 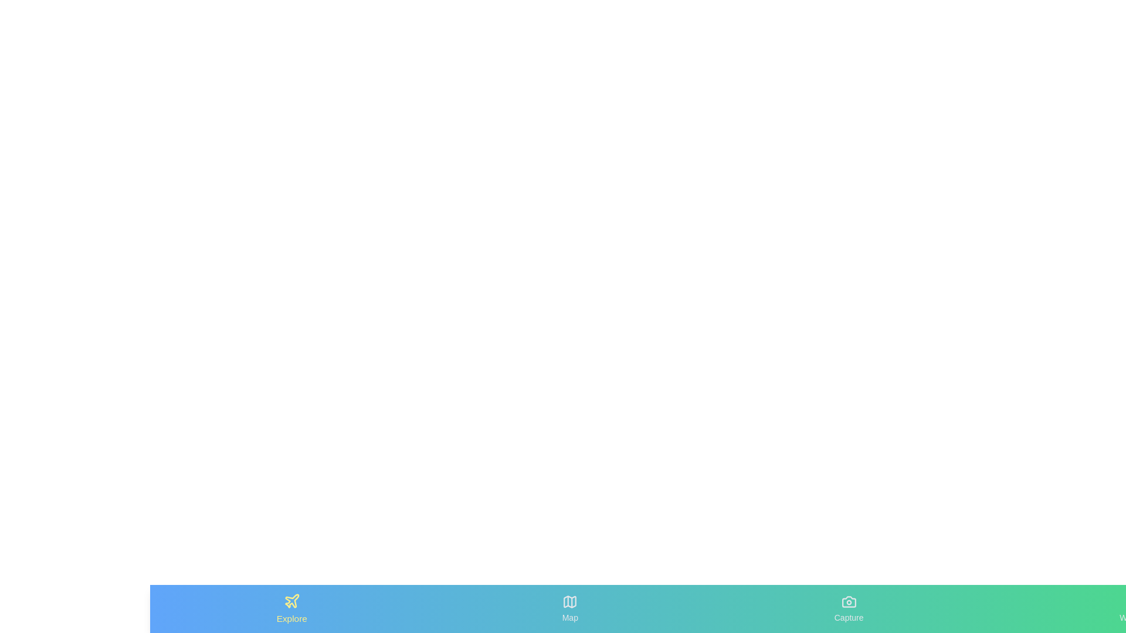 I want to click on the Explore tab by clicking on it, so click(x=292, y=608).